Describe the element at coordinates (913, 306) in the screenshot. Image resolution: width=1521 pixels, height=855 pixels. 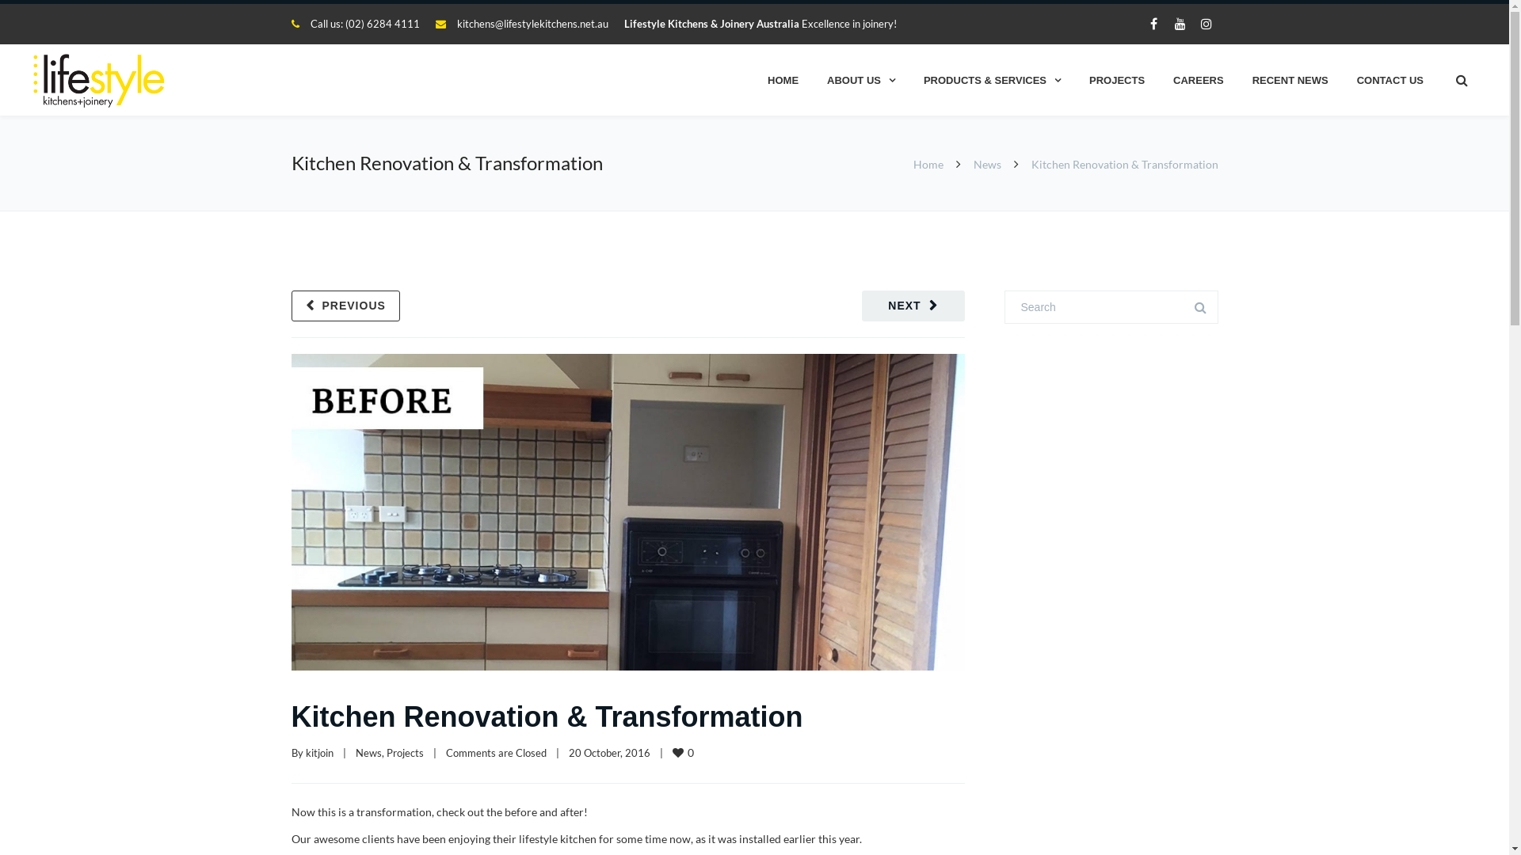
I see `'NEXT'` at that location.